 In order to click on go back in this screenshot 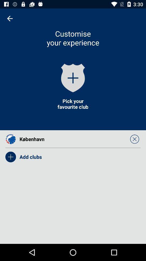, I will do `click(10, 18)`.